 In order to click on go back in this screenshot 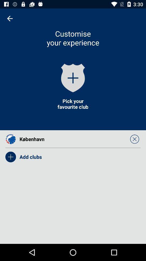, I will do `click(10, 18)`.